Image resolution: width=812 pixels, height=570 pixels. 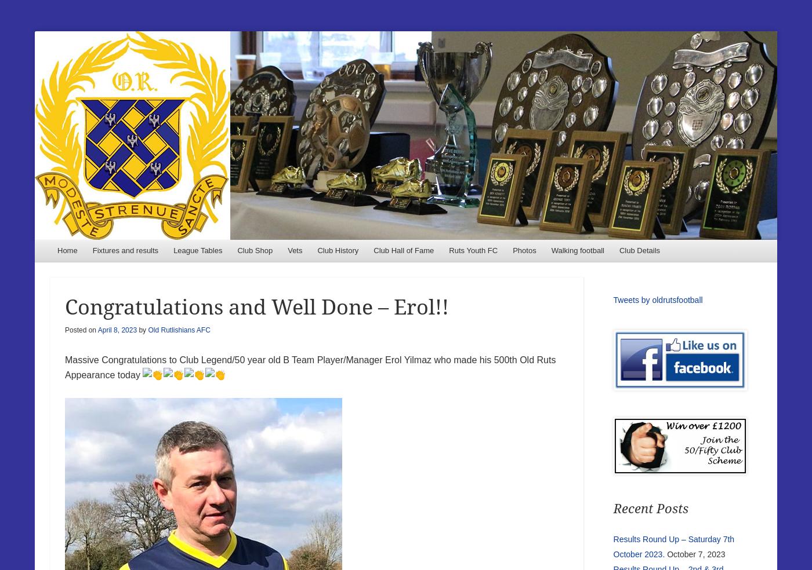 What do you see at coordinates (695, 553) in the screenshot?
I see `'October 7, 2023'` at bounding box center [695, 553].